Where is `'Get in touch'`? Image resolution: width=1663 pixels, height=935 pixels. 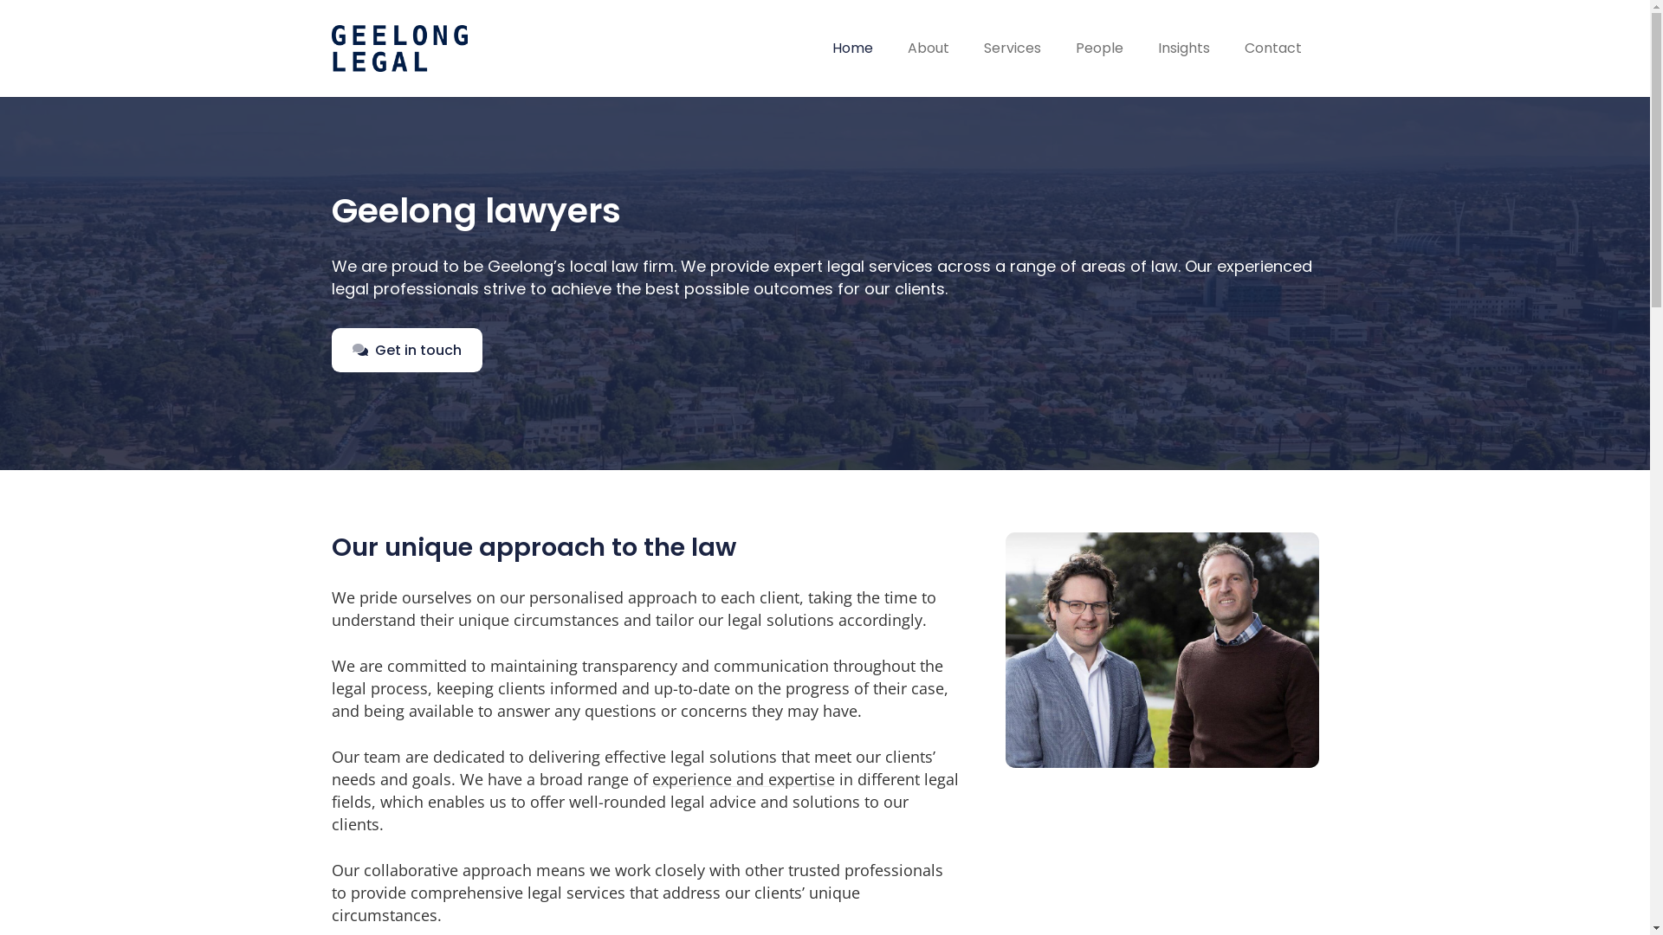
'Get in touch' is located at coordinates (405, 350).